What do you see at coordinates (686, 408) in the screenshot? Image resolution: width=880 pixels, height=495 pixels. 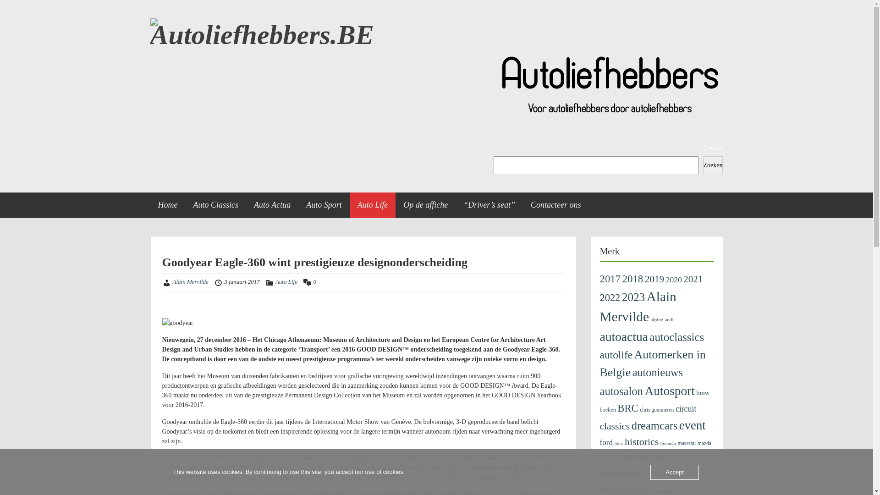 I see `'circuit'` at bounding box center [686, 408].